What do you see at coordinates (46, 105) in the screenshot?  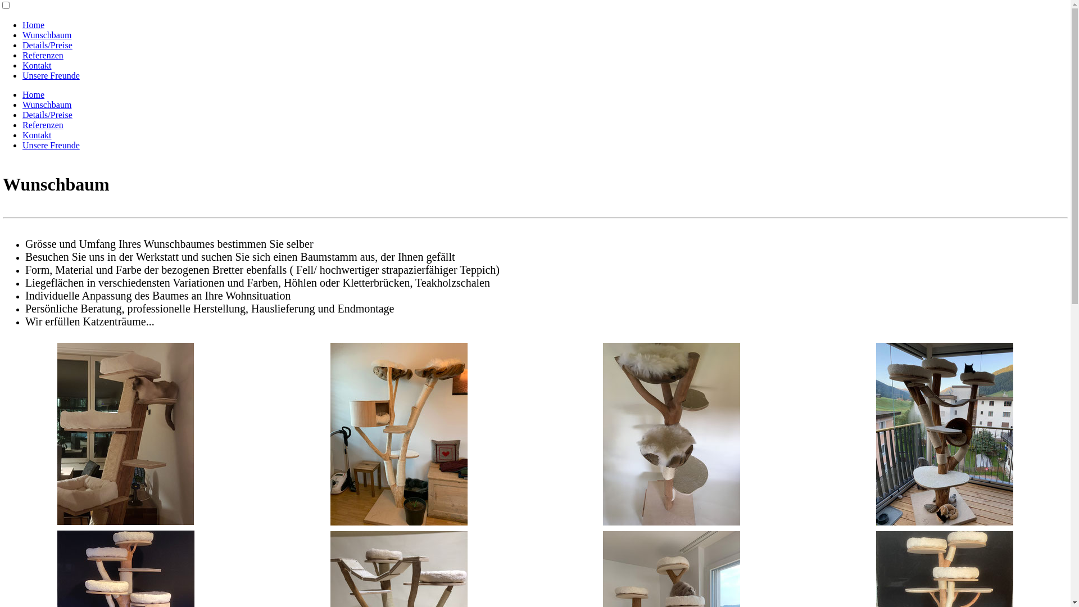 I see `'Wunschbaum'` at bounding box center [46, 105].